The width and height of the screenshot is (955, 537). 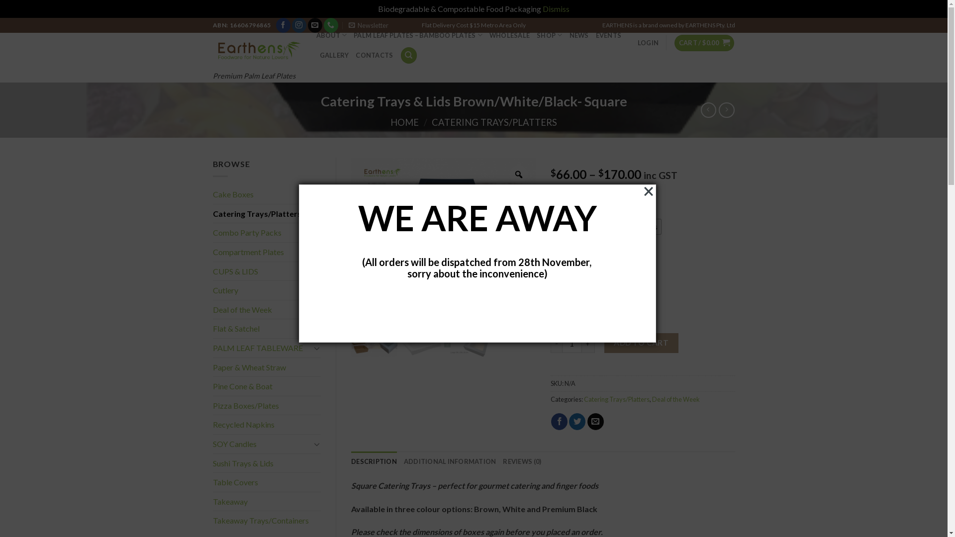 What do you see at coordinates (450, 461) in the screenshot?
I see `'ADDITIONAL INFORMATION'` at bounding box center [450, 461].